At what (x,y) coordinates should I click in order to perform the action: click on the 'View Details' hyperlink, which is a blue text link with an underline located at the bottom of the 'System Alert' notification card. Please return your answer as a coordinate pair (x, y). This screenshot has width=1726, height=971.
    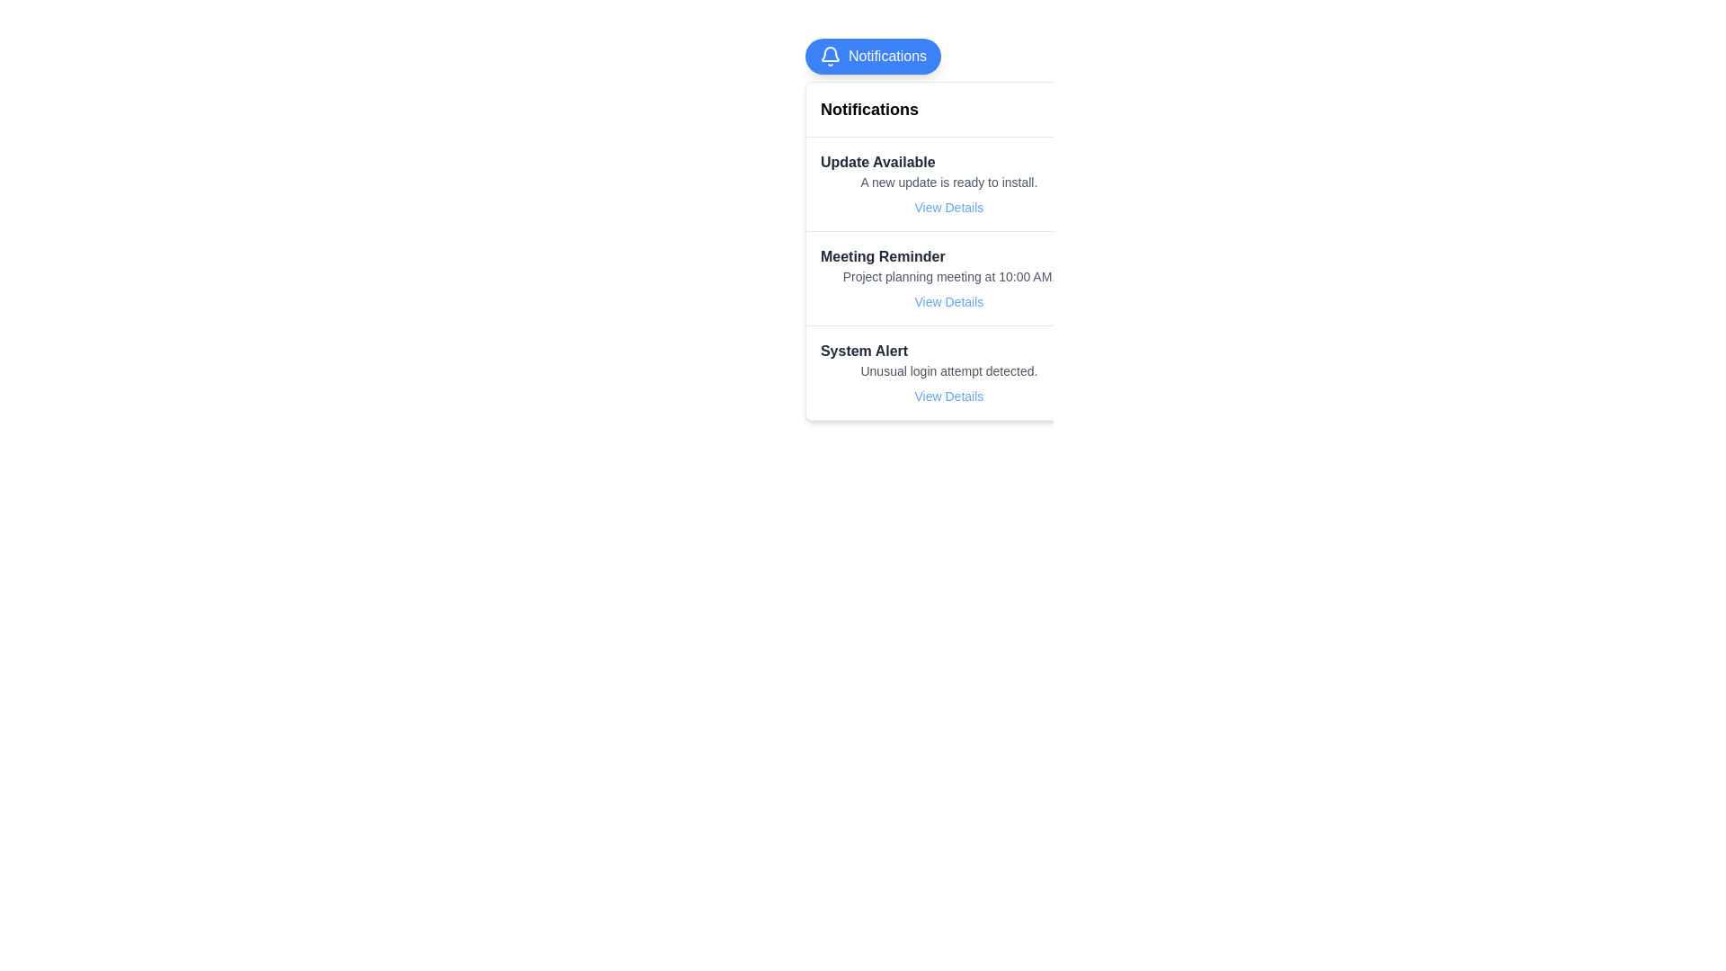
    Looking at the image, I should click on (948, 395).